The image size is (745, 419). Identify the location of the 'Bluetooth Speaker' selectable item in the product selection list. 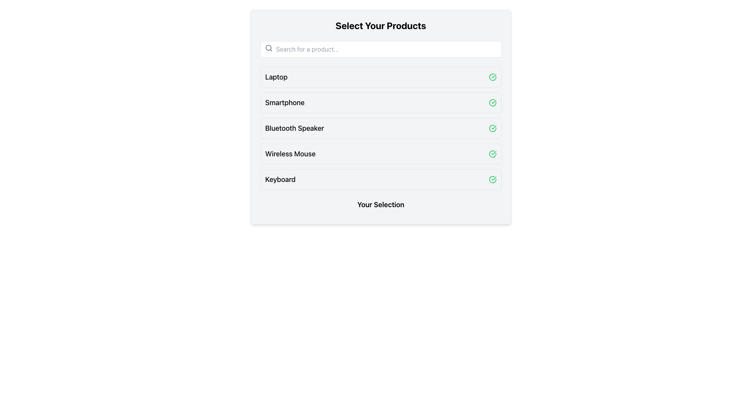
(381, 128).